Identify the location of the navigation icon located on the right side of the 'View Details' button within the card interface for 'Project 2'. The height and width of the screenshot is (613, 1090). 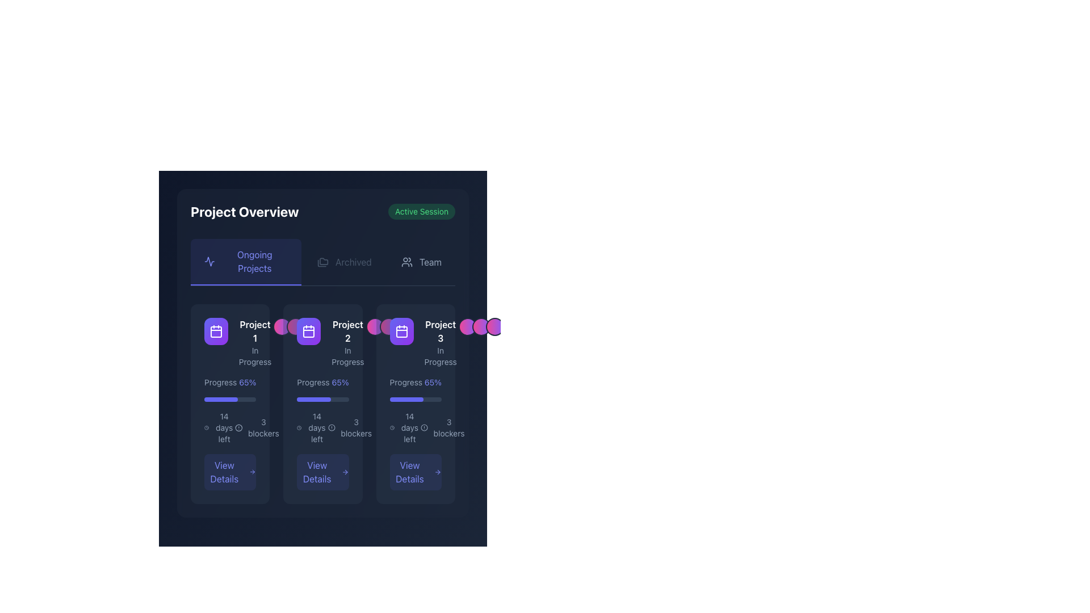
(345, 472).